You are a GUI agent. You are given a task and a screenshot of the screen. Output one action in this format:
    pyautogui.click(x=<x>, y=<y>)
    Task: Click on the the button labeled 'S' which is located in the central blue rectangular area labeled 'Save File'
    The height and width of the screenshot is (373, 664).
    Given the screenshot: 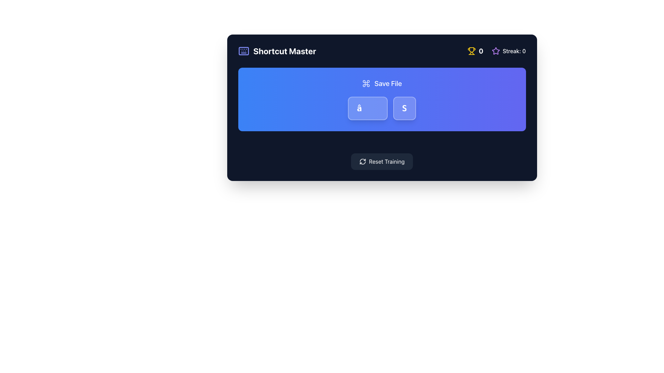 What is the action you would take?
    pyautogui.click(x=404, y=108)
    